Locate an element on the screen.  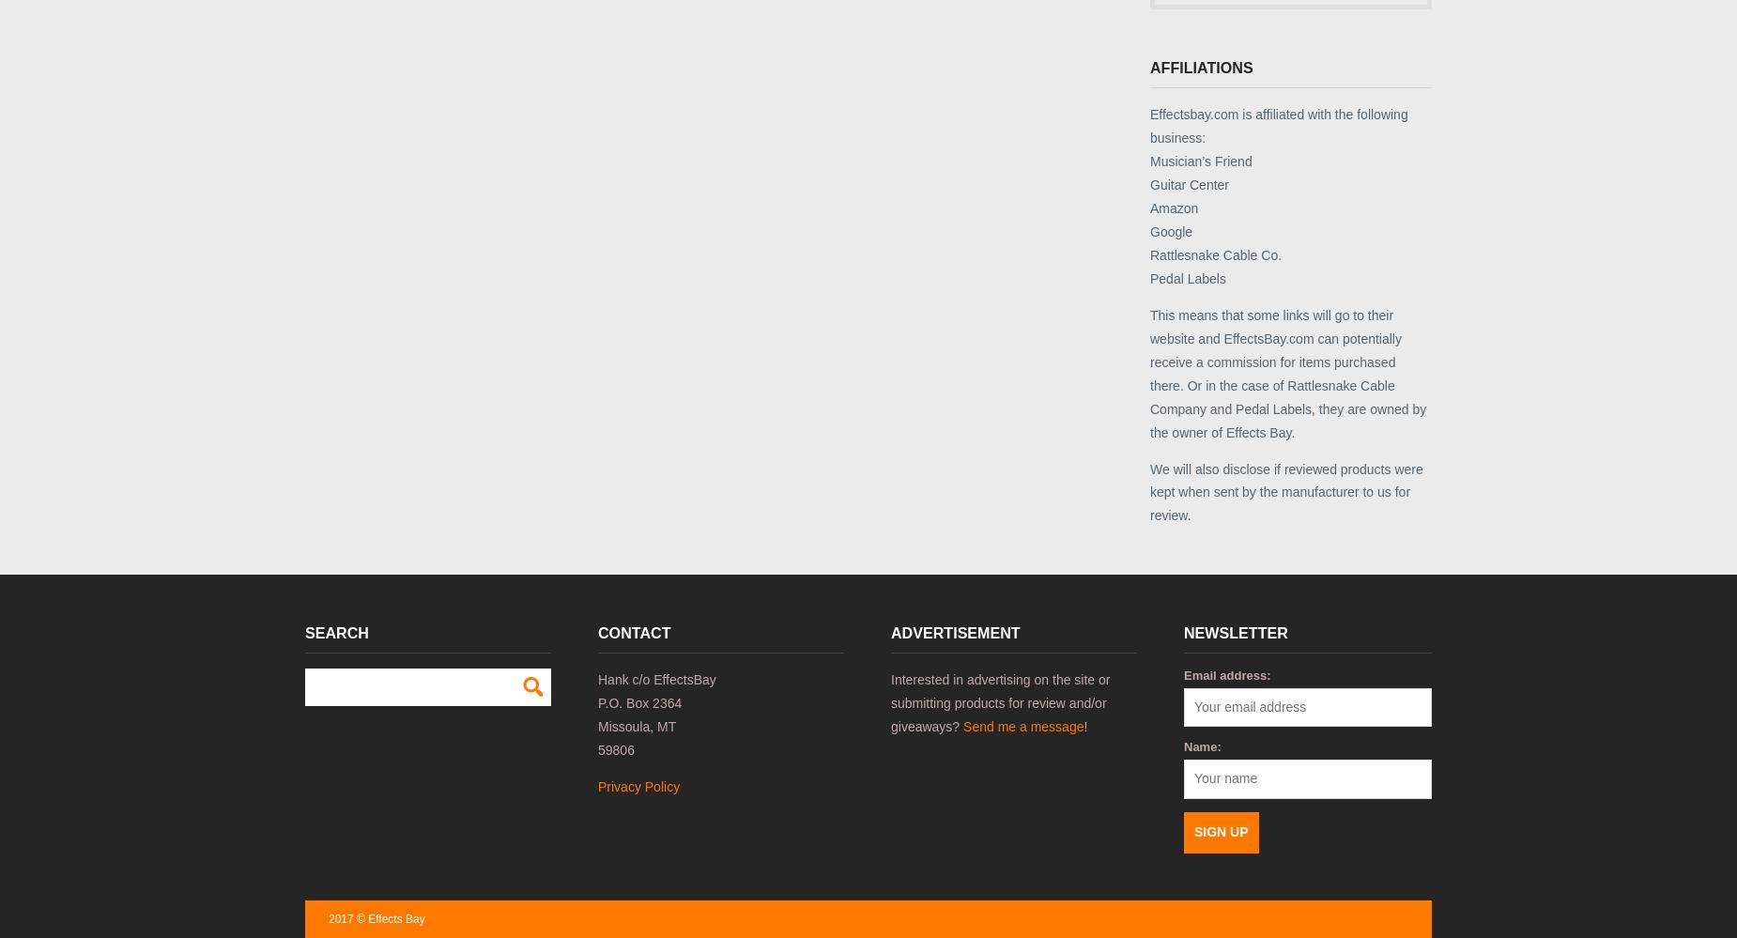
'Interested in advertising on the site or submitting products for review and/or giveaways?' is located at coordinates (999, 700).